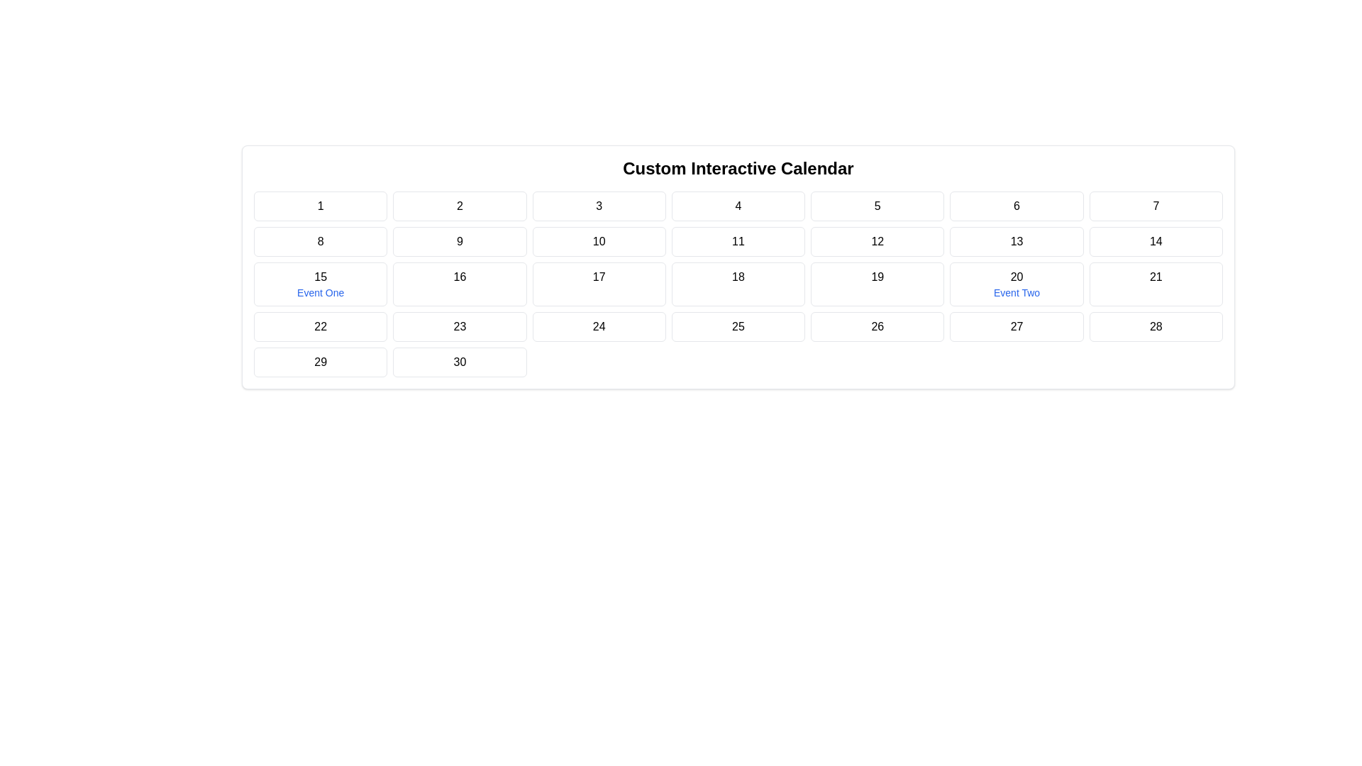  Describe the element at coordinates (1016, 292) in the screenshot. I see `text content of the label displaying 'Event Two', which indicates an event on the 20th day in the calendar grid` at that location.